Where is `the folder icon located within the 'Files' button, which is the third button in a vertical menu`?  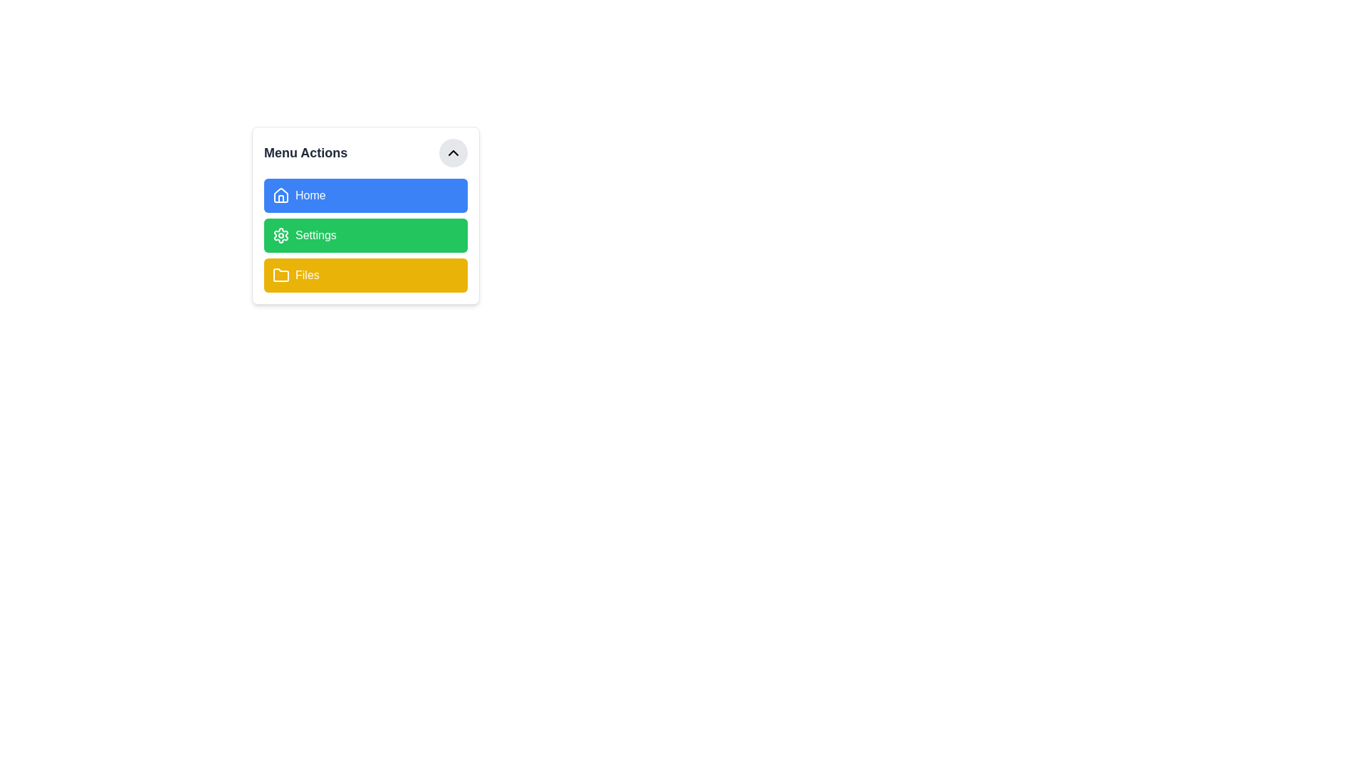
the folder icon located within the 'Files' button, which is the third button in a vertical menu is located at coordinates (281, 275).